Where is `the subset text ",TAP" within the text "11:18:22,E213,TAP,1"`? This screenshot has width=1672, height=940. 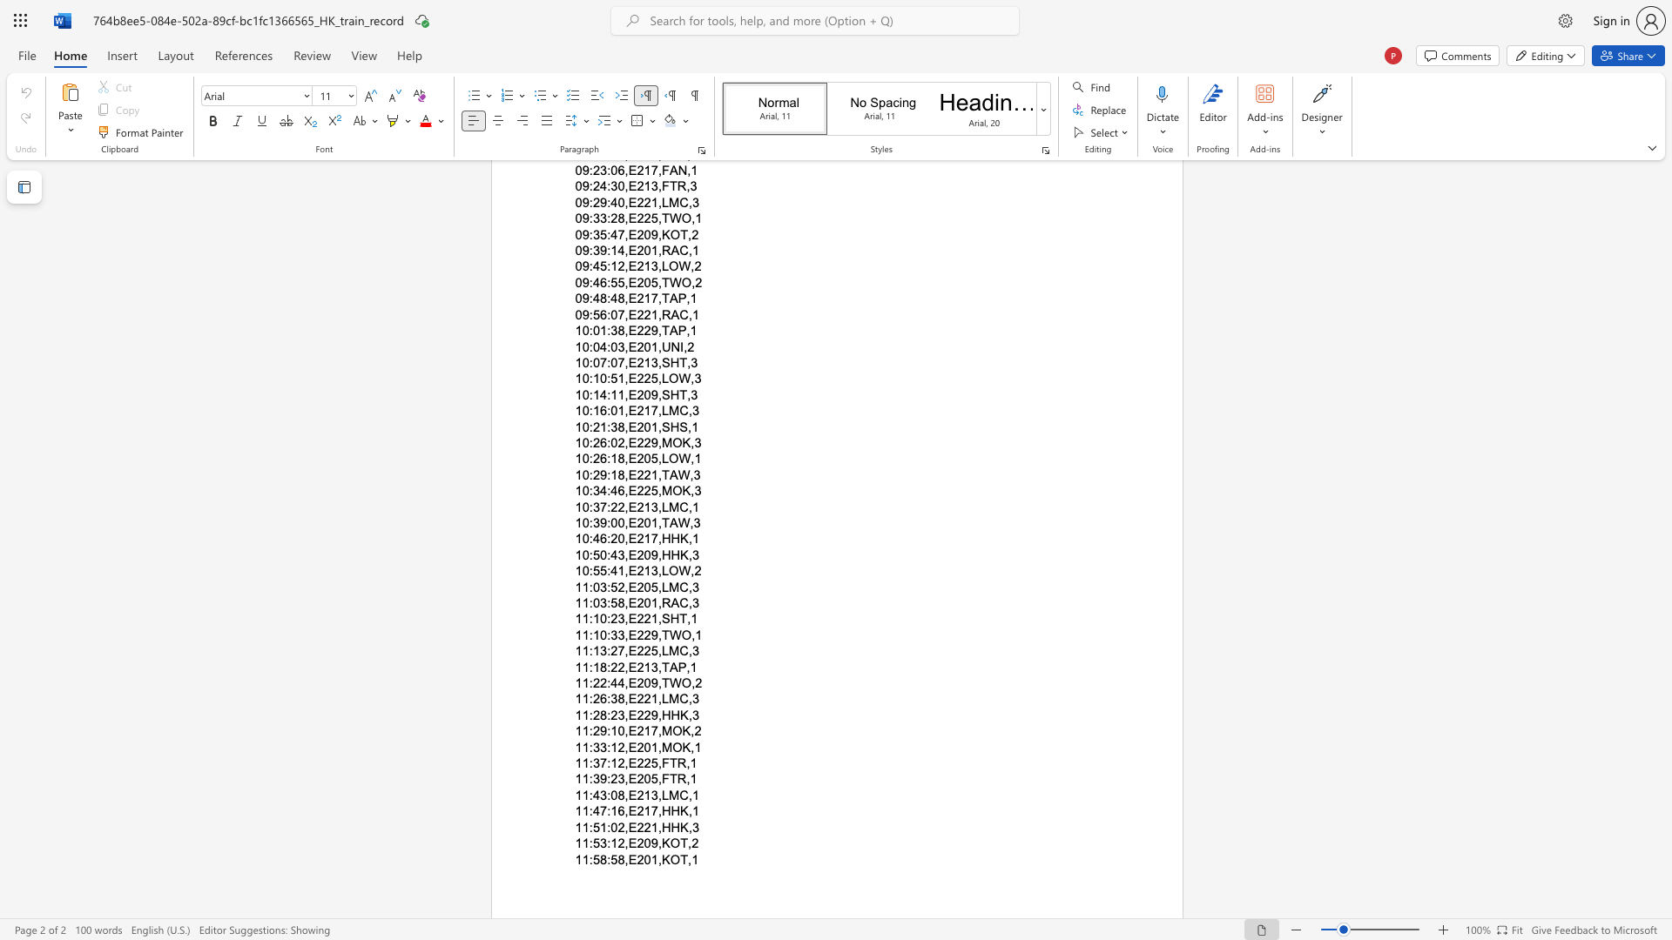 the subset text ",TAP" within the text "11:18:22,E213,TAP,1" is located at coordinates (657, 666).